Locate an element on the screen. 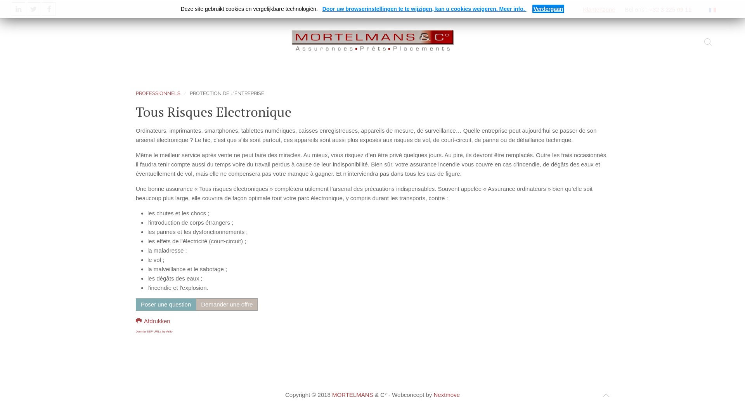 The width and height of the screenshot is (745, 419). 'MORTELMANS' is located at coordinates (352, 395).